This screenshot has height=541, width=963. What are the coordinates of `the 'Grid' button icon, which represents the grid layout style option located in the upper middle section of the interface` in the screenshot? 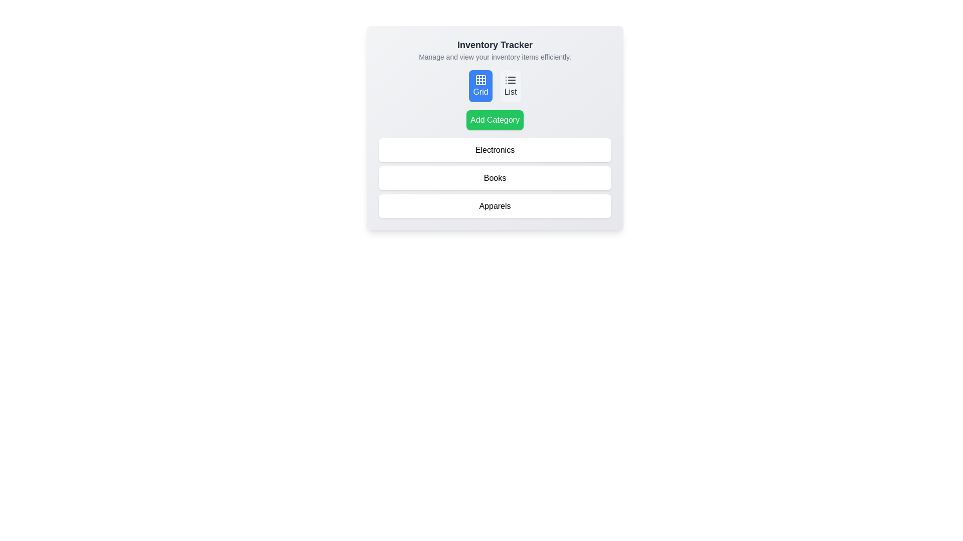 It's located at (480, 79).